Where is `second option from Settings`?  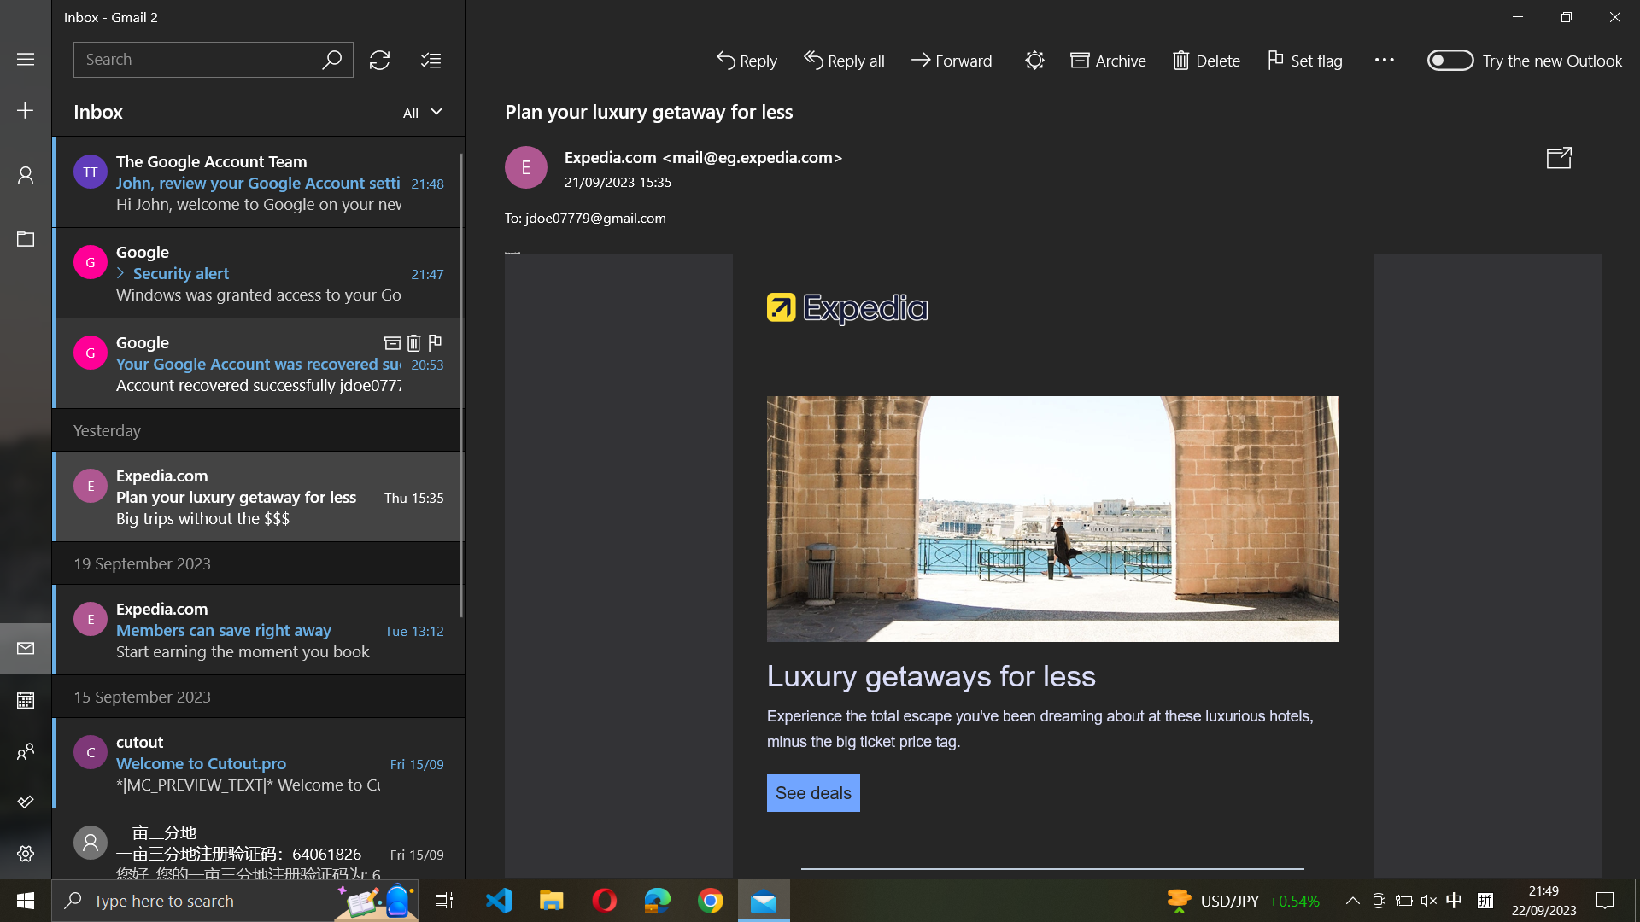 second option from Settings is located at coordinates (25, 855).